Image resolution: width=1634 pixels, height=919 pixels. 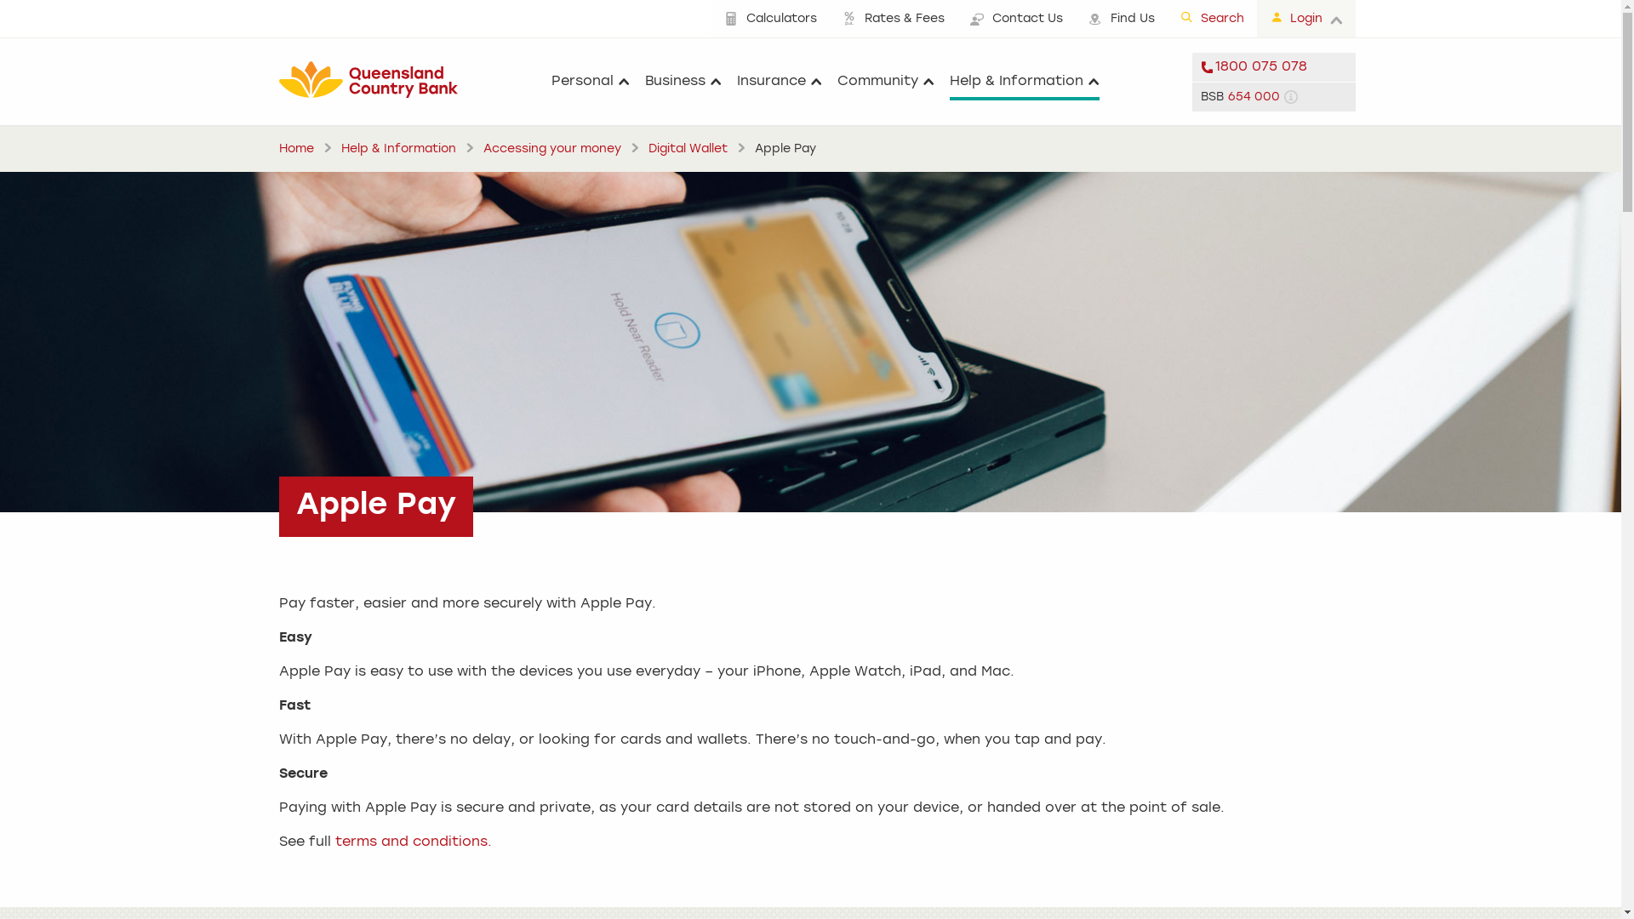 I want to click on 'Login', so click(x=1305, y=19).